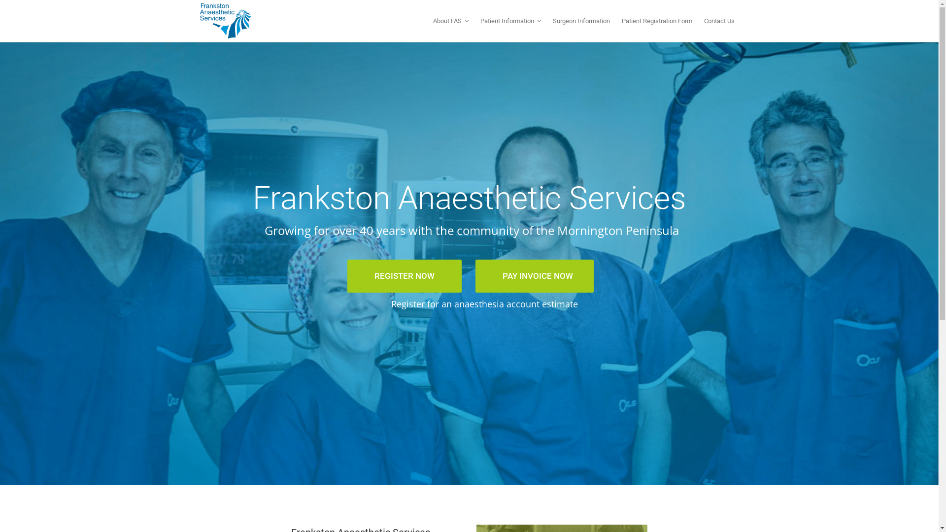 This screenshot has height=532, width=946. What do you see at coordinates (510, 21) in the screenshot?
I see `'Patient Information'` at bounding box center [510, 21].